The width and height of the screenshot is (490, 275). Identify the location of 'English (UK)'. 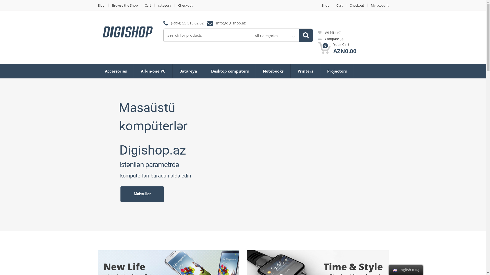
(395, 270).